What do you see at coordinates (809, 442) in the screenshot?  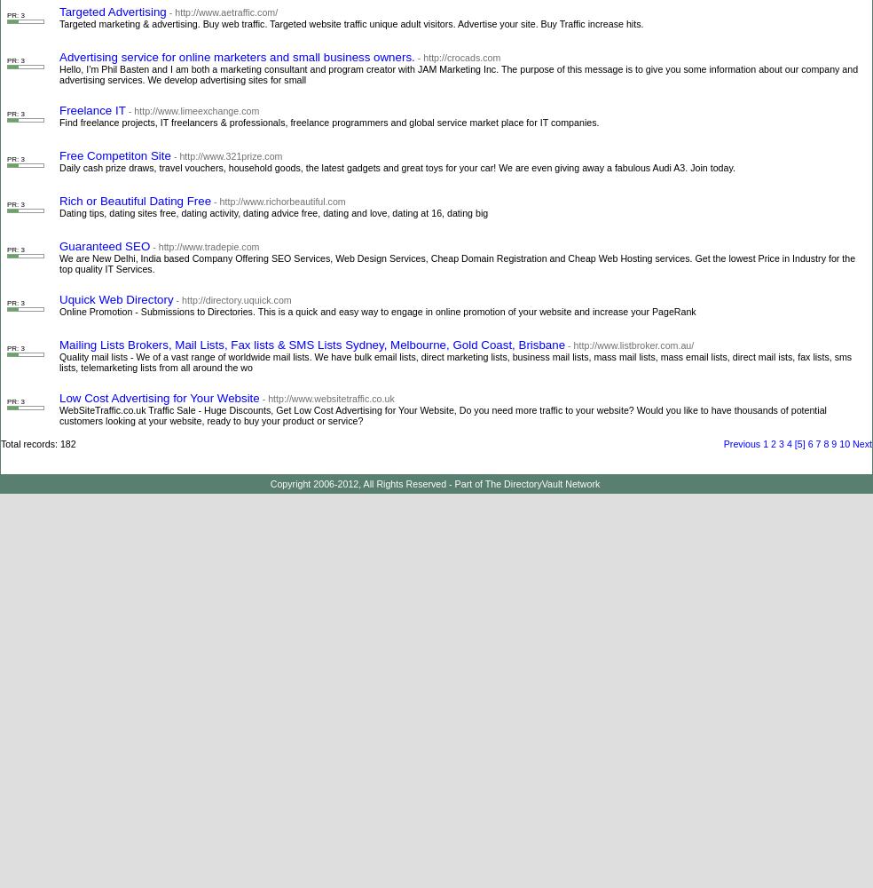 I see `'6'` at bounding box center [809, 442].